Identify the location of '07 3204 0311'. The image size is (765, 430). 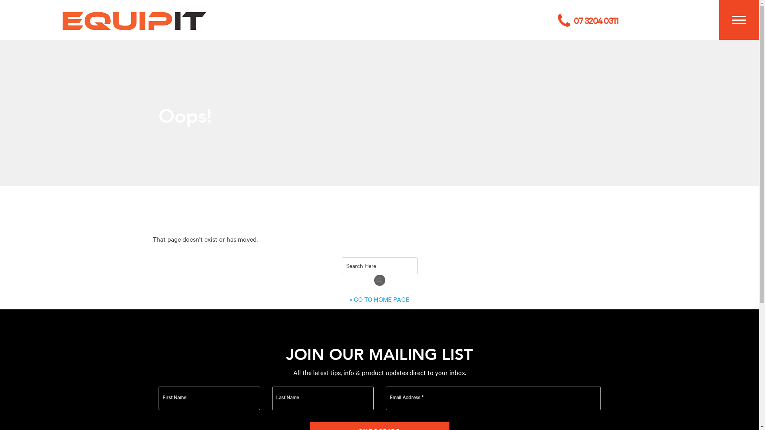
(557, 20).